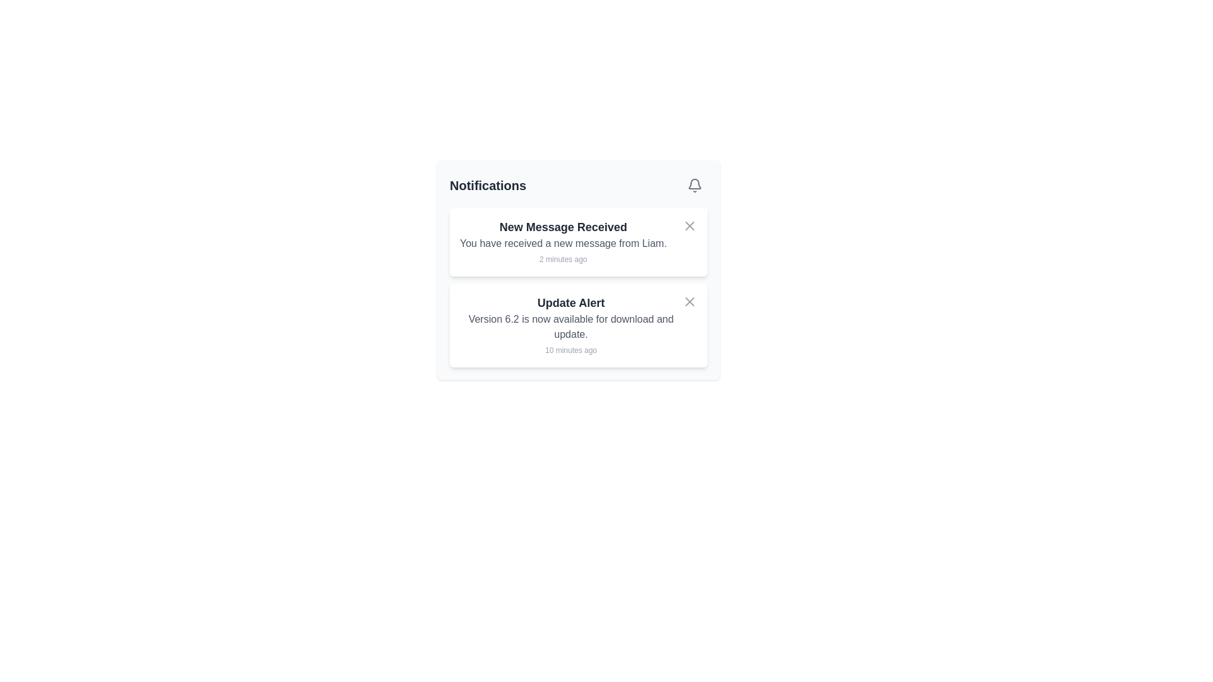  What do you see at coordinates (689, 225) in the screenshot?
I see `the close button styled as an icon in the top-right corner of the 'New Message Received' notification card` at bounding box center [689, 225].